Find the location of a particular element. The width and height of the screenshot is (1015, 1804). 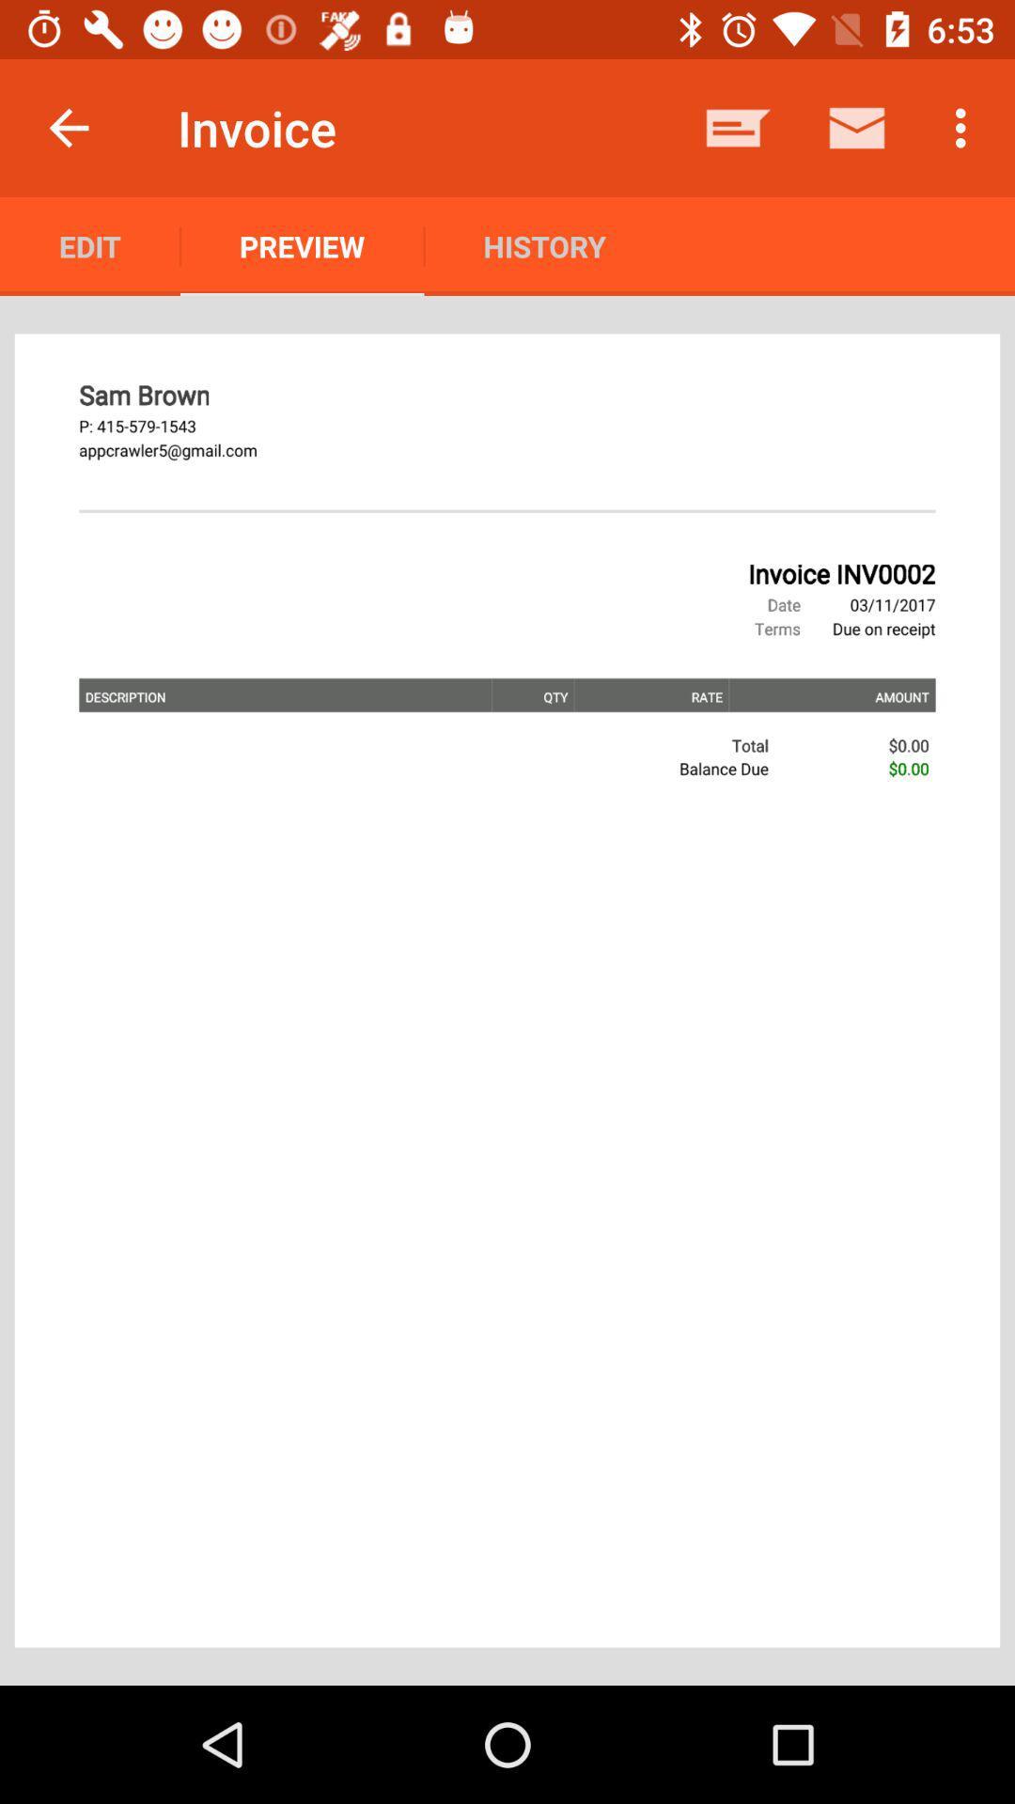

the icon to the right of the preview is located at coordinates (544, 245).